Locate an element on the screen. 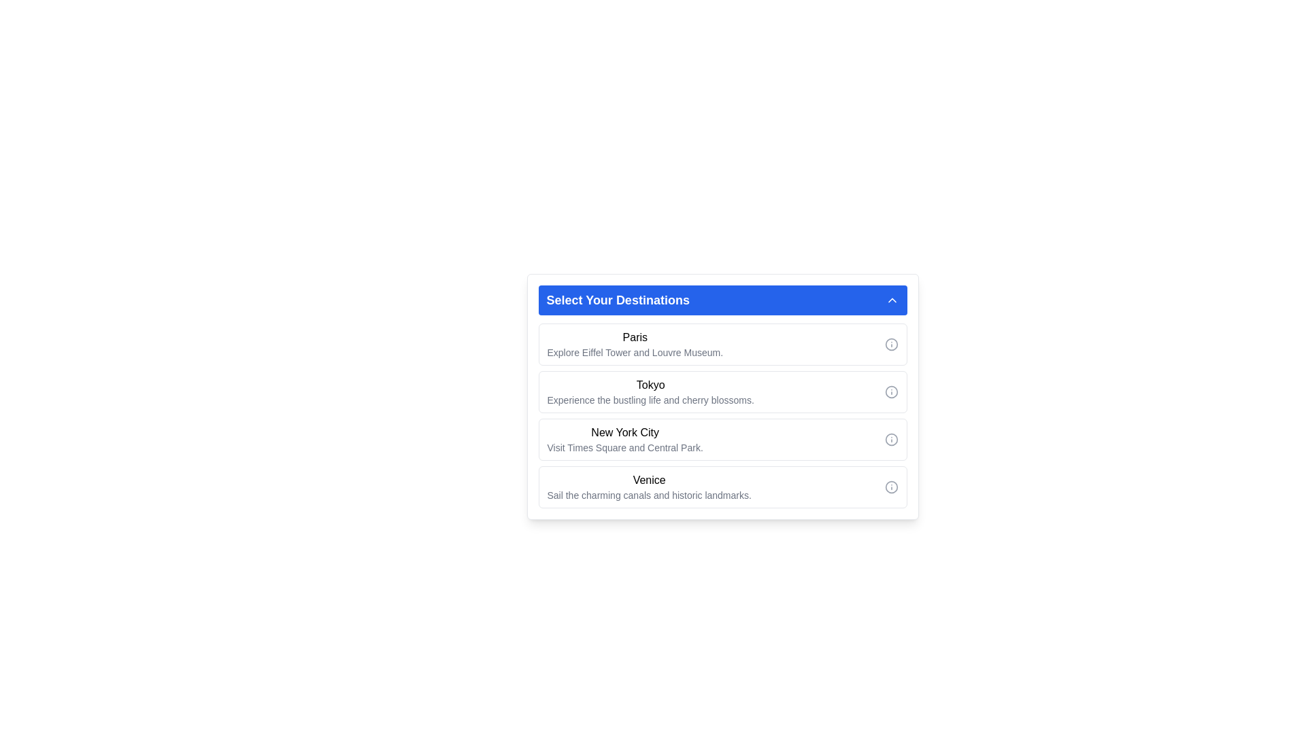 The width and height of the screenshot is (1306, 734). the descriptive text element located immediately below the title 'Venice' within the section labeled 'Venice' is located at coordinates (648, 495).